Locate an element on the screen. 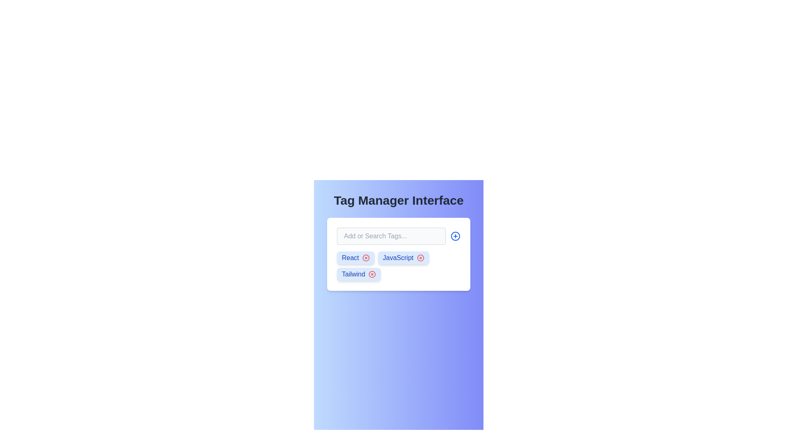  the text label displaying 'JavaScript' with medium font weight, which is part of a tag component with a blue background and rounded edges, located in the center of the tag is located at coordinates (398, 257).